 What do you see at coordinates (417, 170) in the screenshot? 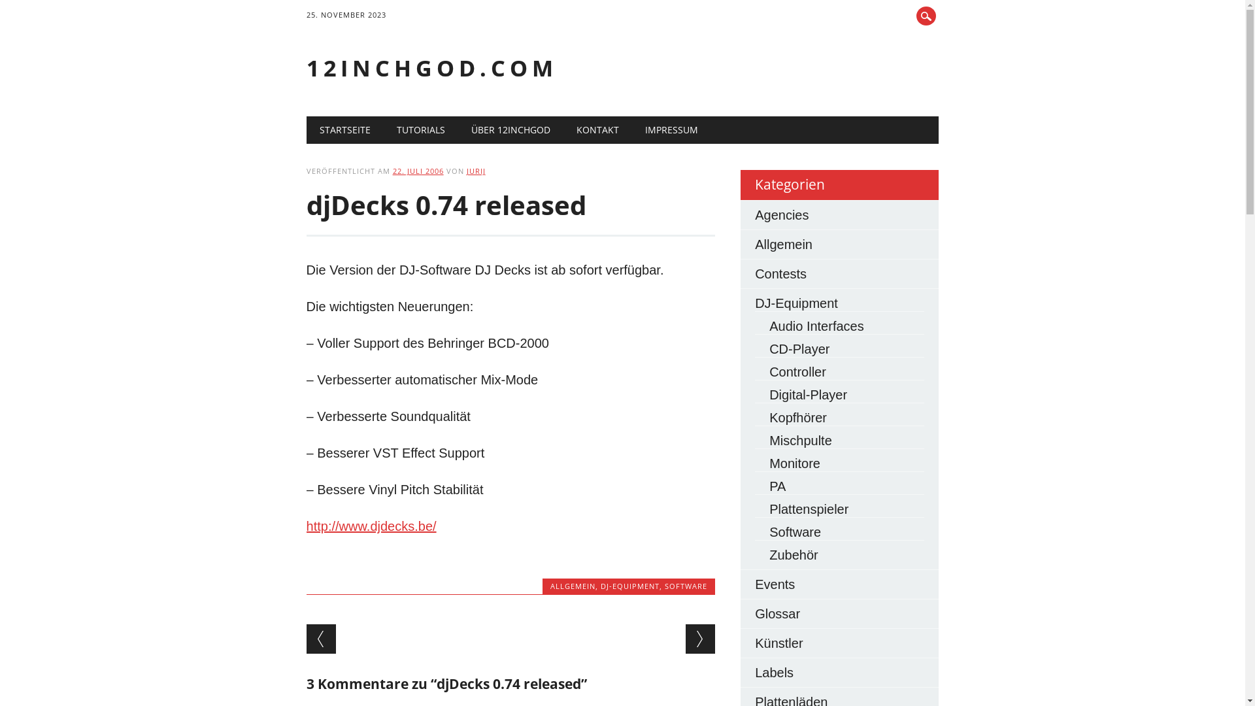
I see `'22. JULI 2006'` at bounding box center [417, 170].